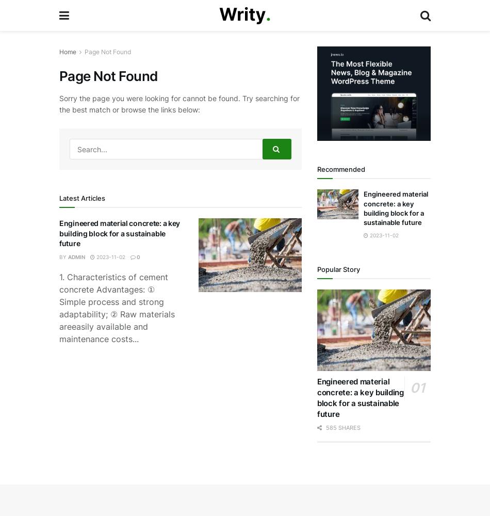 This screenshot has width=490, height=516. Describe the element at coordinates (338, 269) in the screenshot. I see `'Popular Story'` at that location.